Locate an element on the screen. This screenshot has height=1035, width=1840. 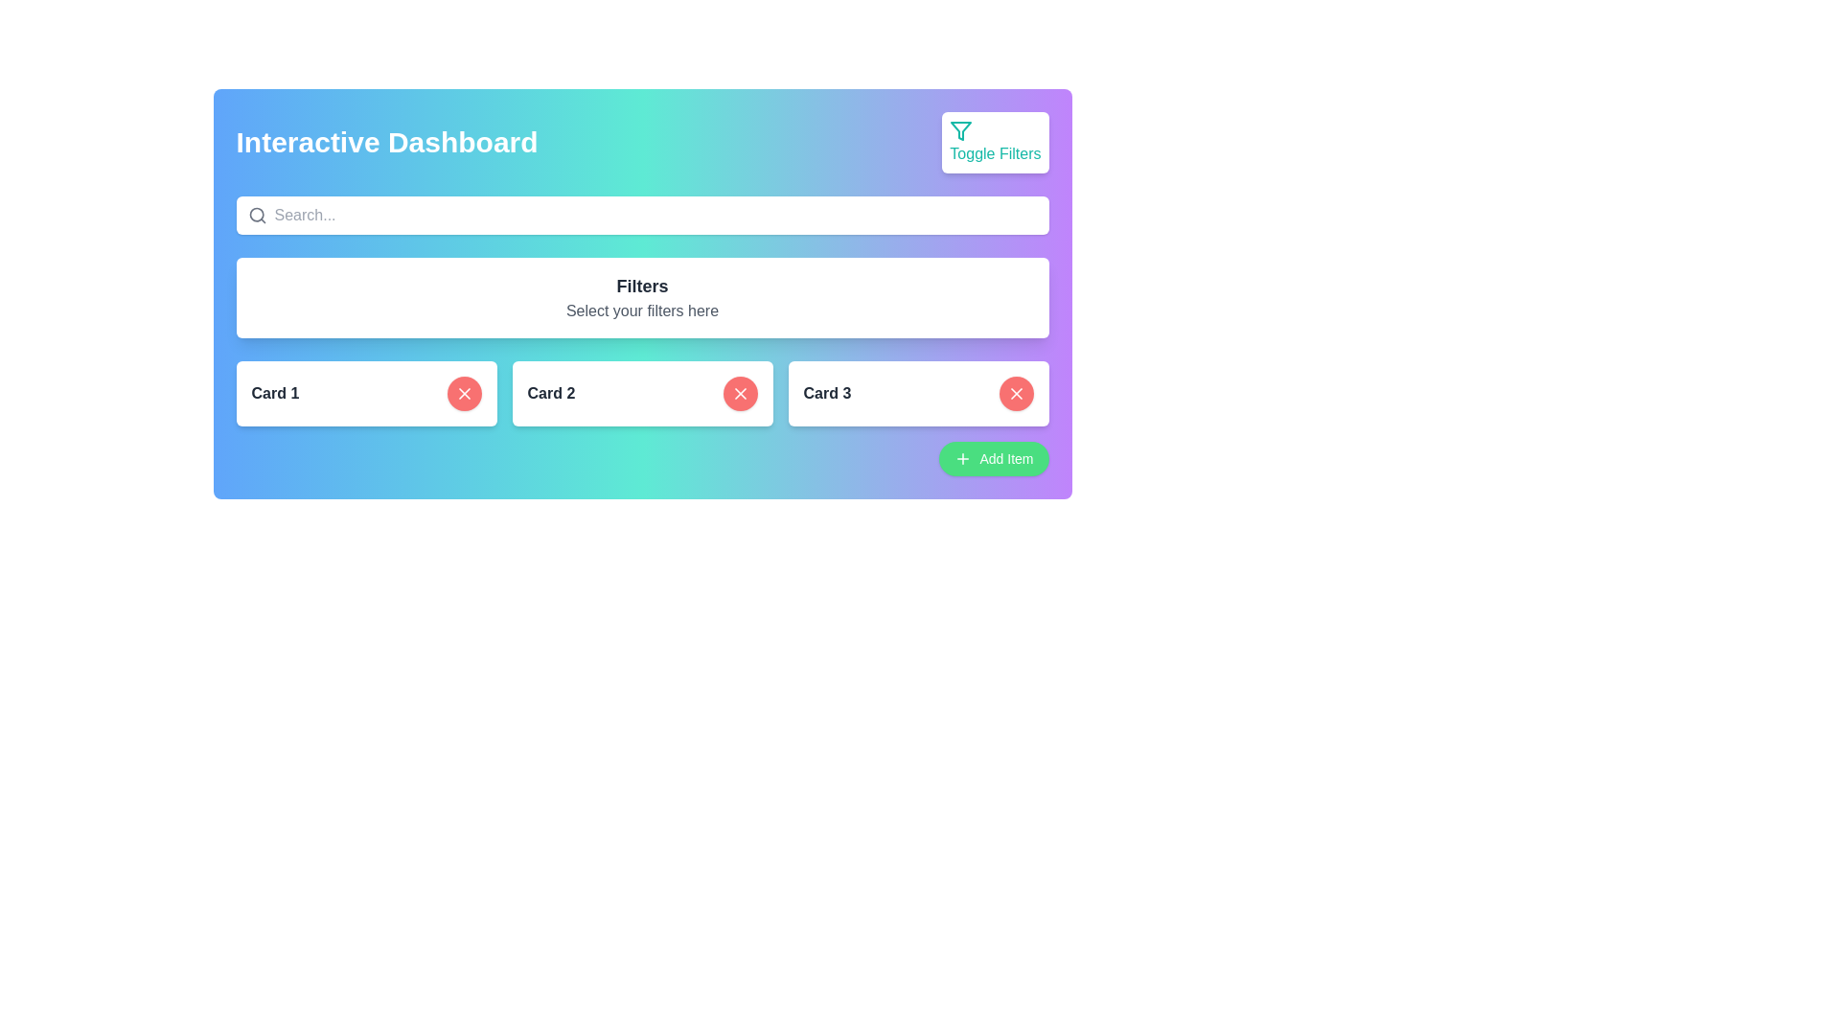
the teal funnel icon representing filter functionalities located in the 'Toggle Filters' component in the top-right corner of the interface is located at coordinates (961, 130).